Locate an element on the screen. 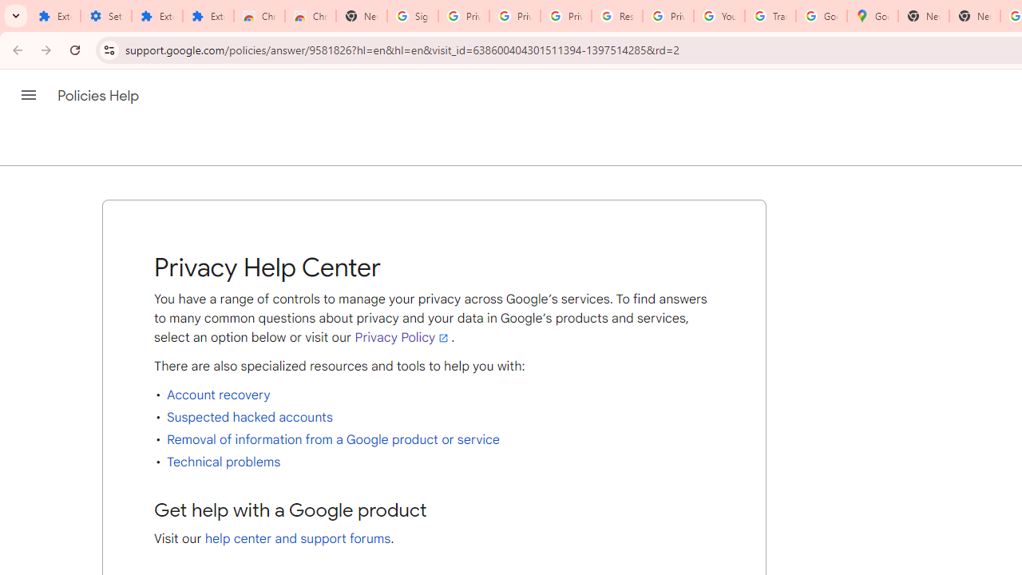 Image resolution: width=1022 pixels, height=575 pixels. 'Removal of information from a Google product or service' is located at coordinates (332, 439).